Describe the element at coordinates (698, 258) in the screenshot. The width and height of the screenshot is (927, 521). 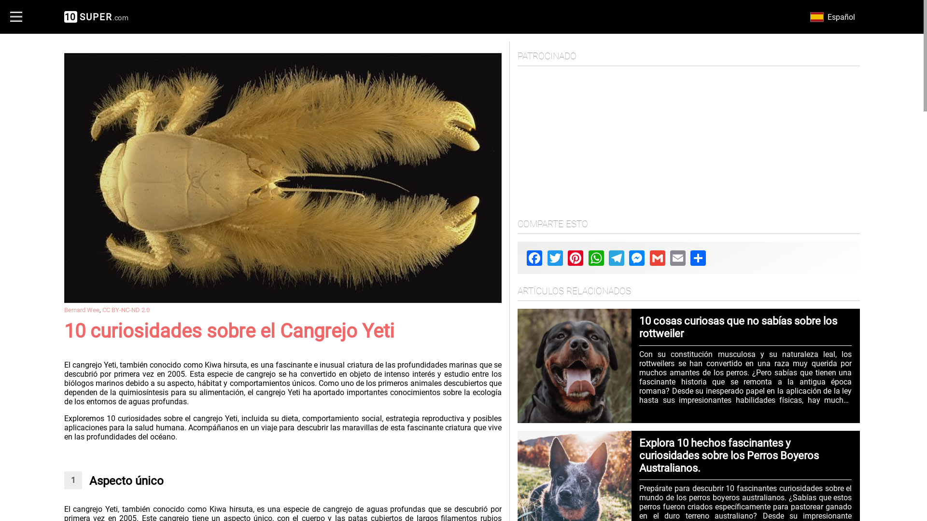
I see `'Share'` at that location.